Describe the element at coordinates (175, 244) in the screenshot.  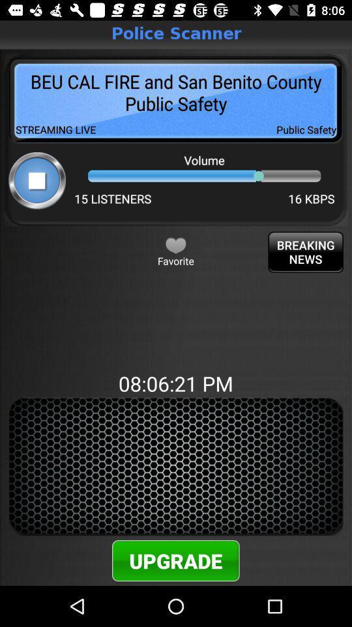
I see `the button to the left of breaking` at that location.